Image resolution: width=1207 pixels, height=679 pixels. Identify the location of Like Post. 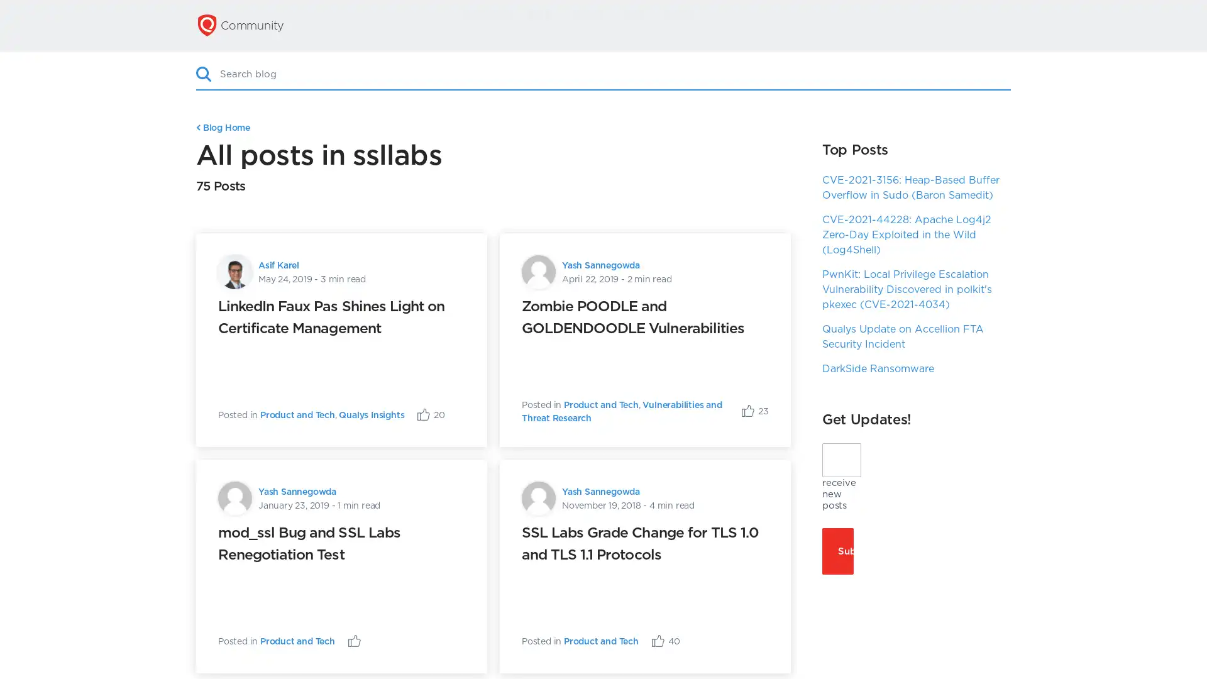
(423, 414).